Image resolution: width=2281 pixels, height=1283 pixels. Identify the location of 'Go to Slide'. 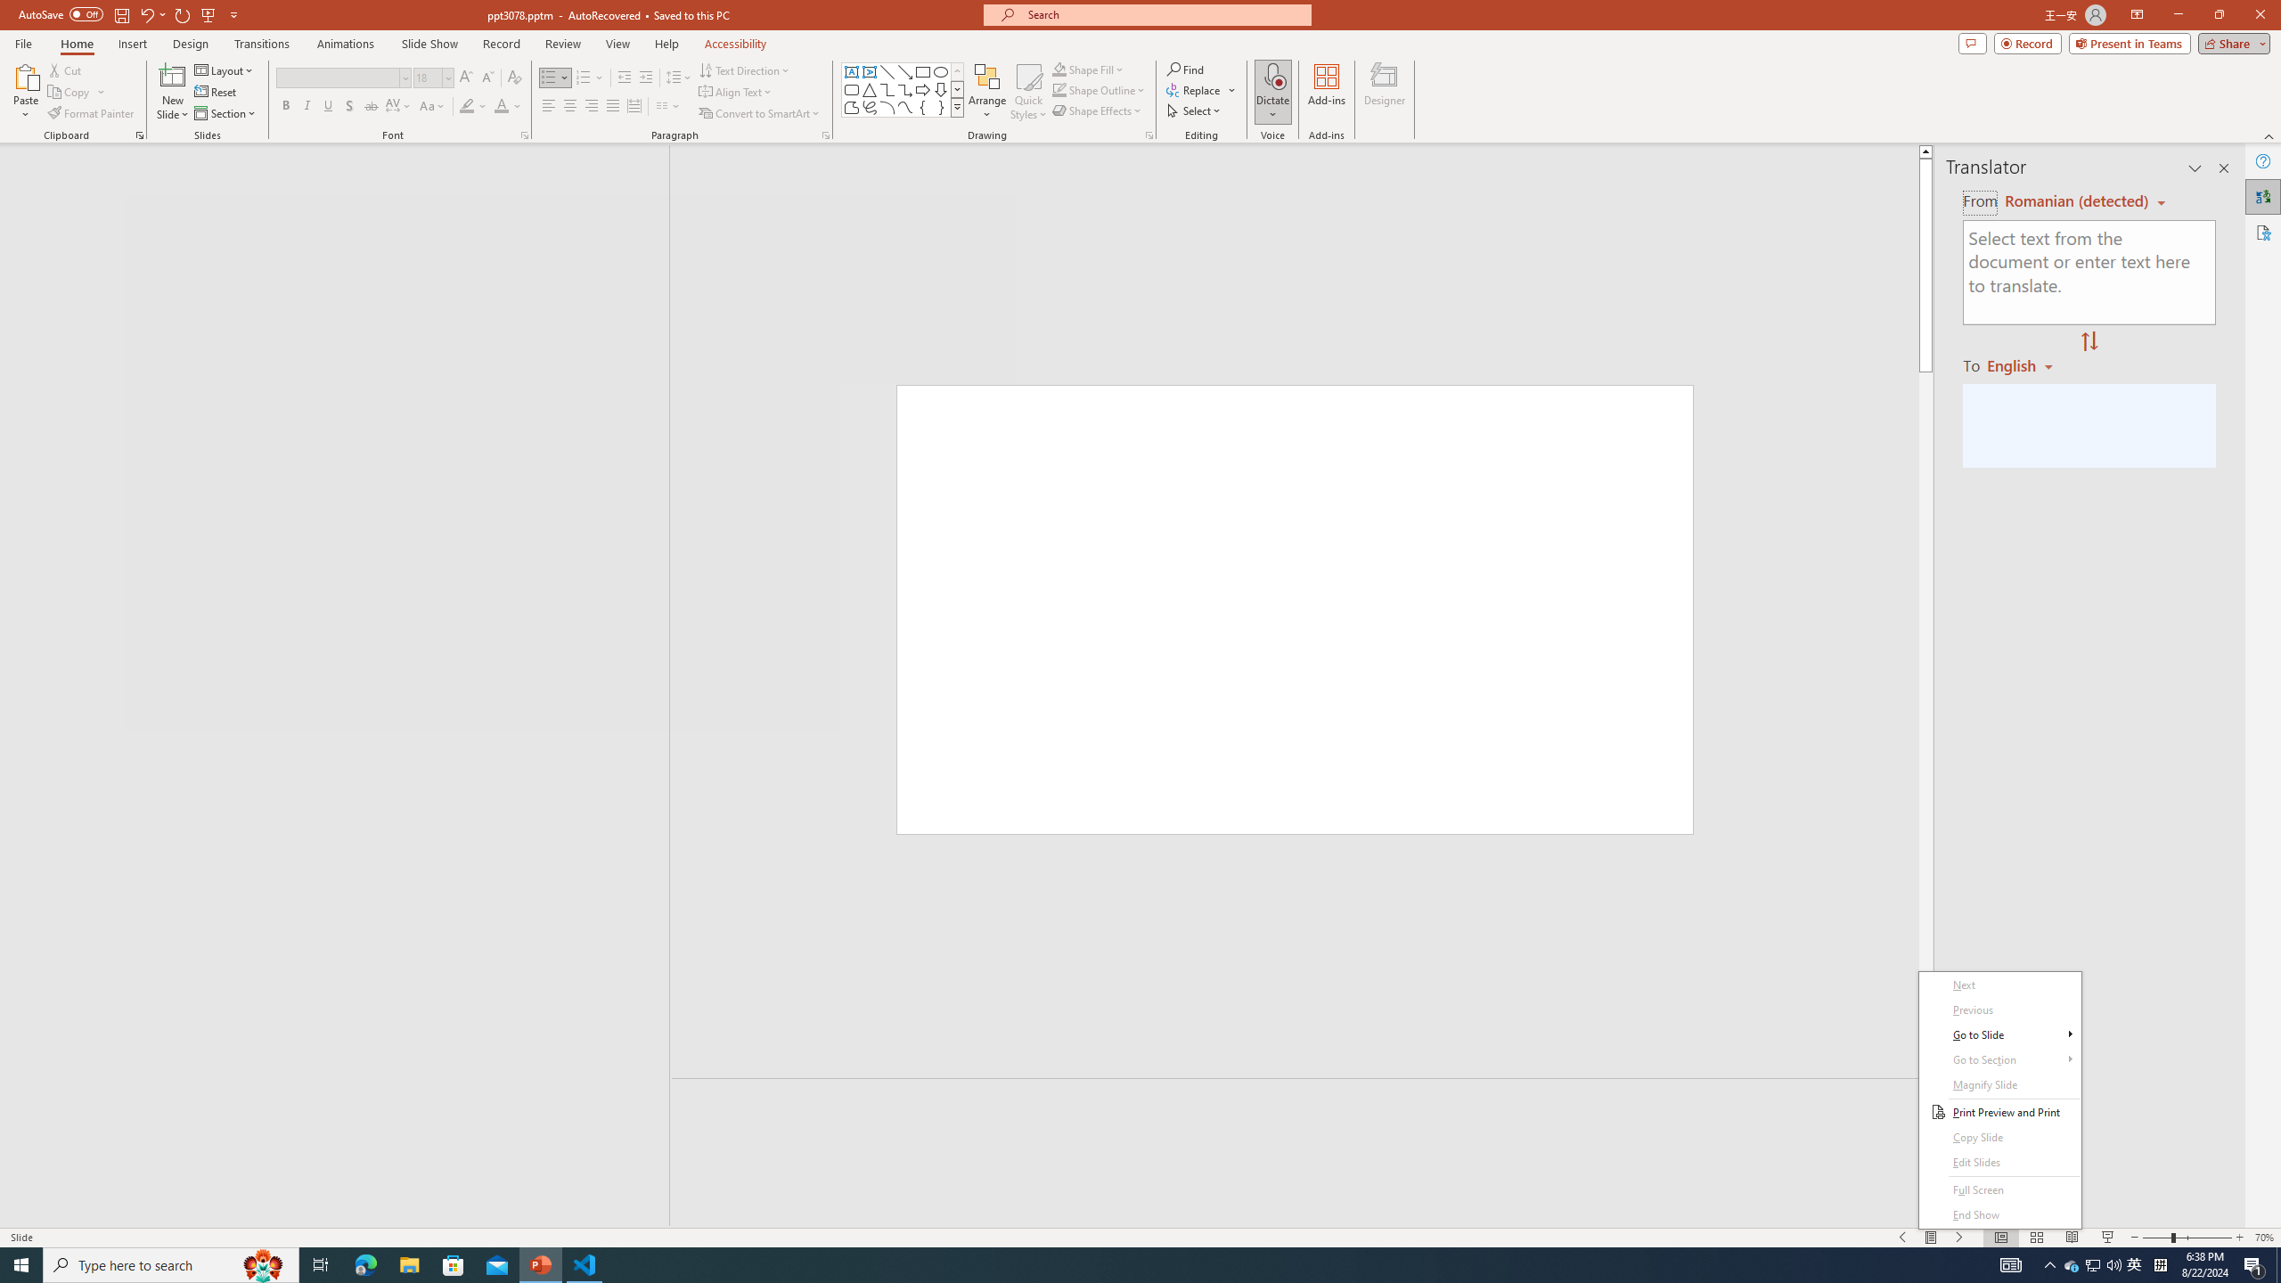
(2000, 1034).